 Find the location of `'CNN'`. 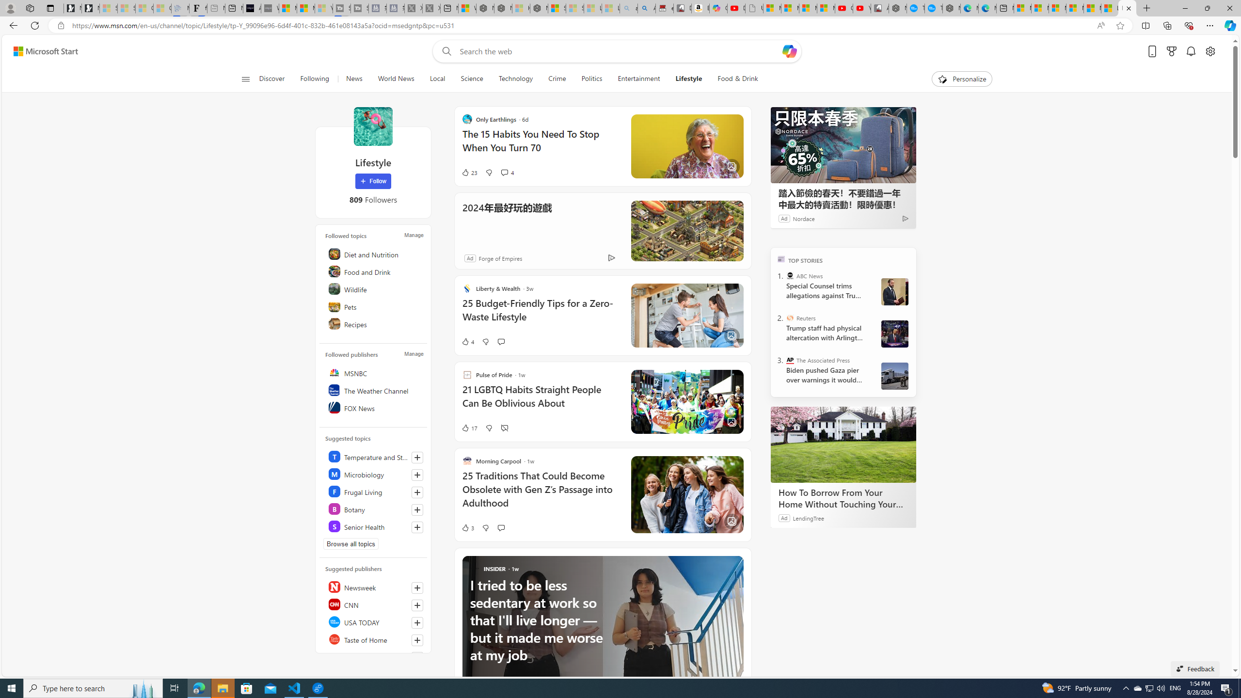

'CNN' is located at coordinates (375, 604).